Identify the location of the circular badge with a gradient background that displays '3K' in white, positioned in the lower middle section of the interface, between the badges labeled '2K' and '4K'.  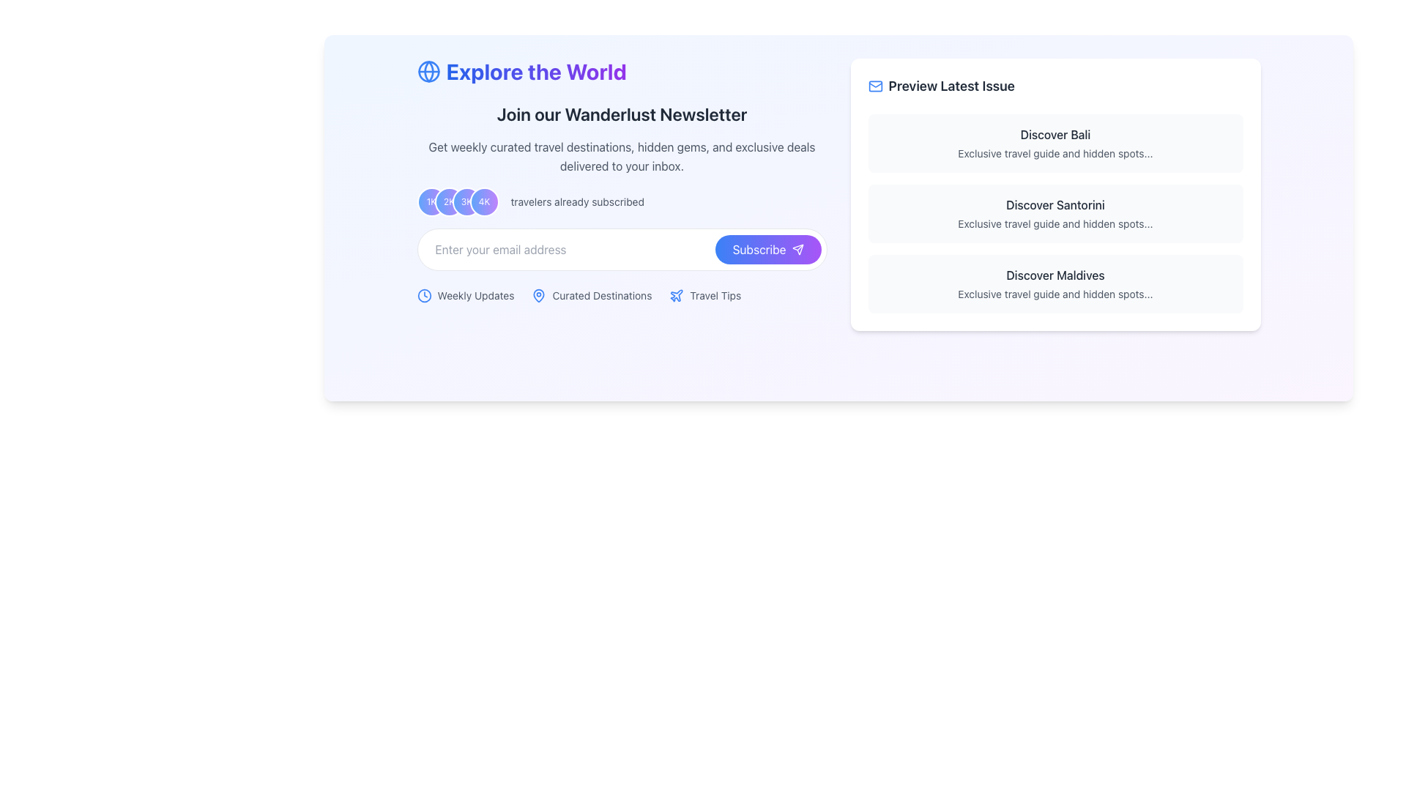
(466, 202).